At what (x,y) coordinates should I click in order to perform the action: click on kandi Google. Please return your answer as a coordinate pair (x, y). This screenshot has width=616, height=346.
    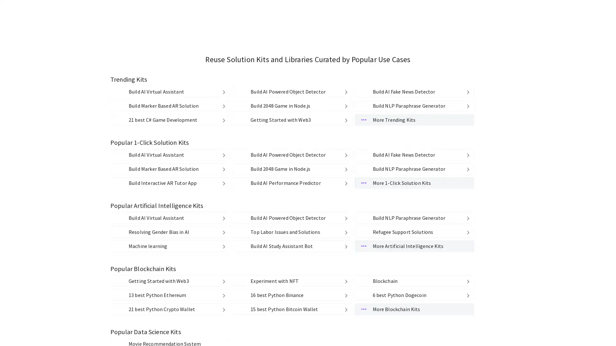
    Looking at the image, I should click on (547, 21).